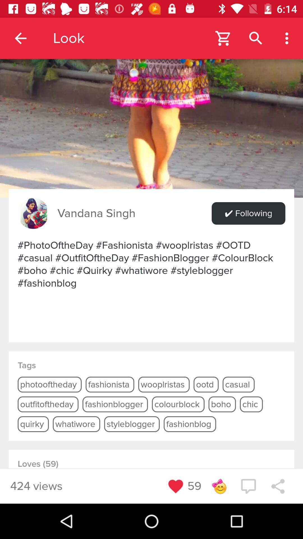 The width and height of the screenshot is (303, 539). Describe the element at coordinates (278, 486) in the screenshot. I see `the share icon` at that location.